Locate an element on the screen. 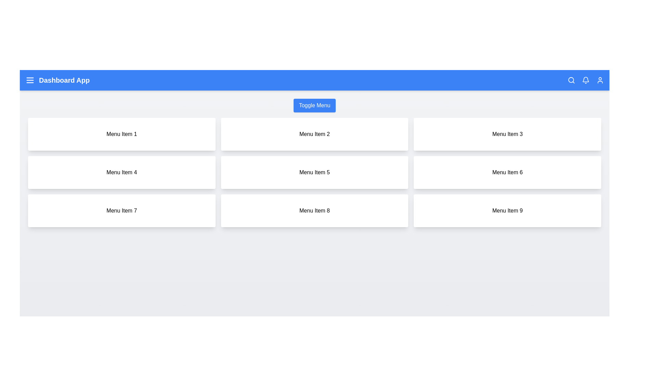  the 'Bell' icon to view notifications is located at coordinates (585, 80).